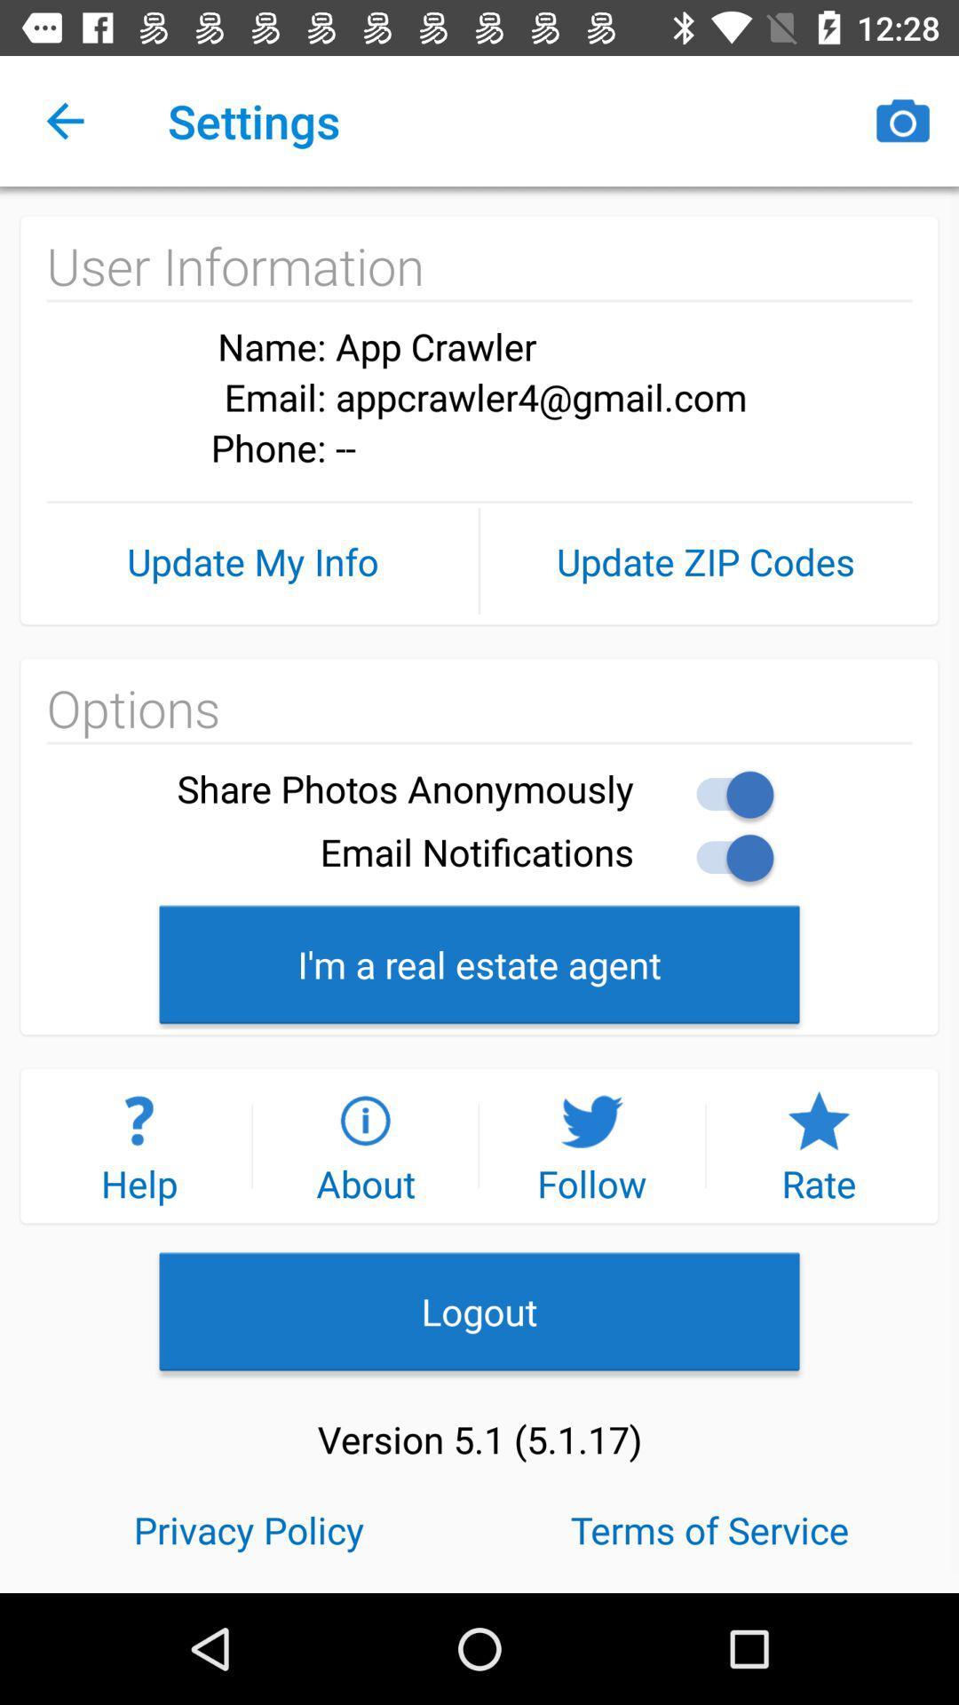  I want to click on icon below i m a item, so click(364, 1146).